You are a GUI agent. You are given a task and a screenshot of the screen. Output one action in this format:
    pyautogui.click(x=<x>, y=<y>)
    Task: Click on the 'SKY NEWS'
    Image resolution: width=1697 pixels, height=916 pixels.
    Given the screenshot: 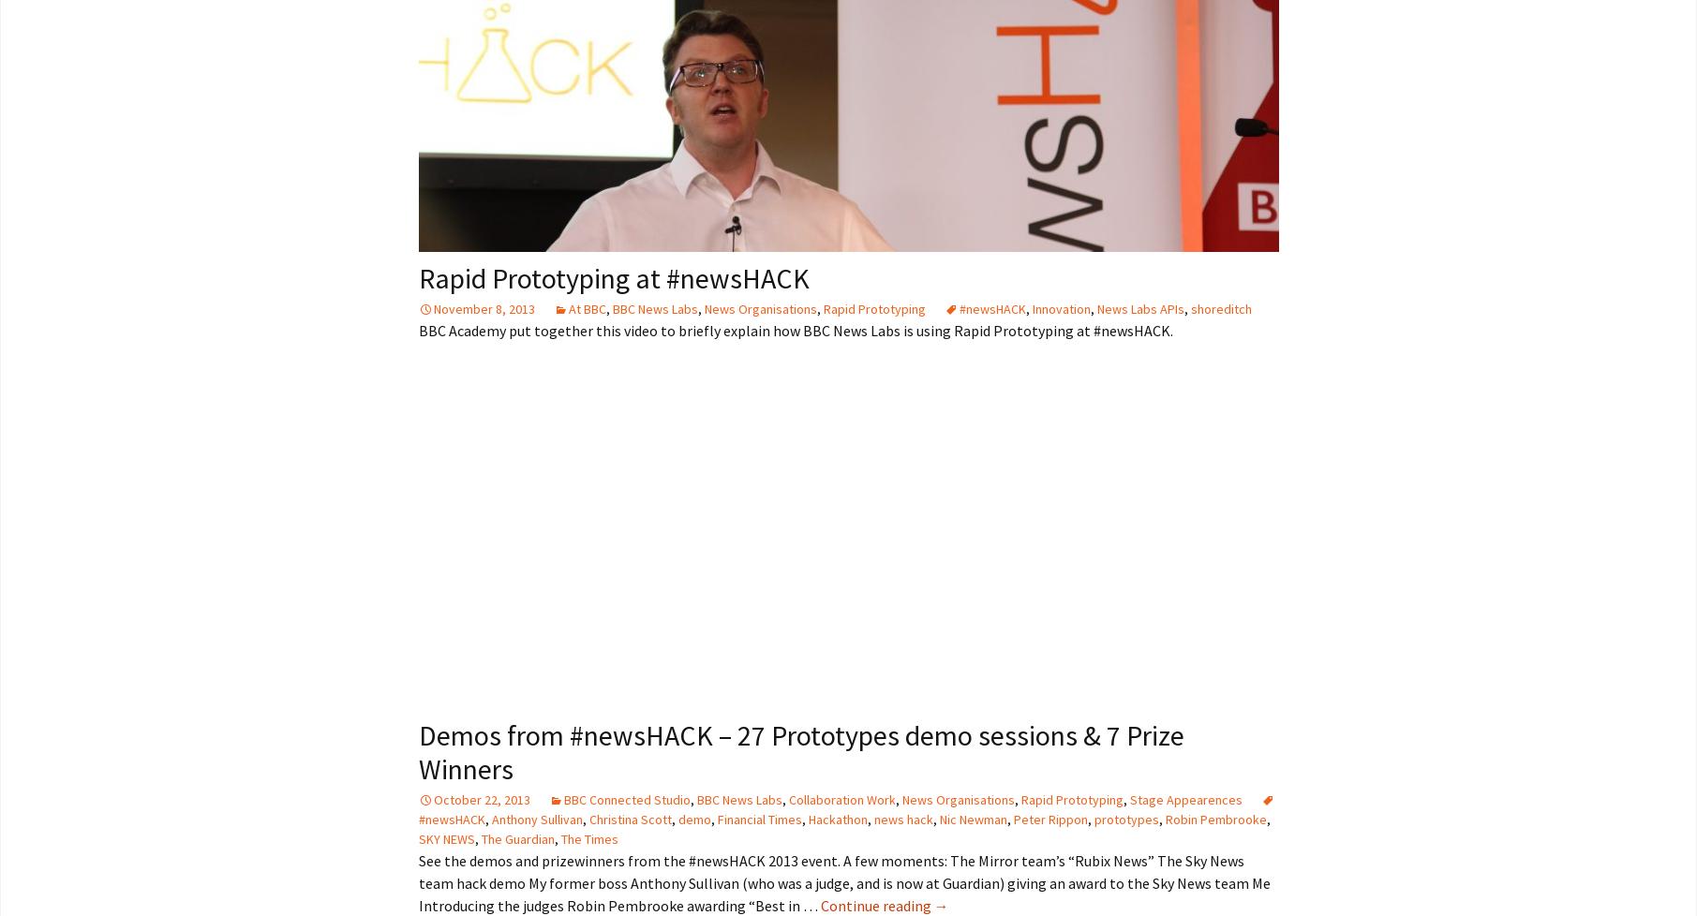 What is the action you would take?
    pyautogui.click(x=445, y=836)
    